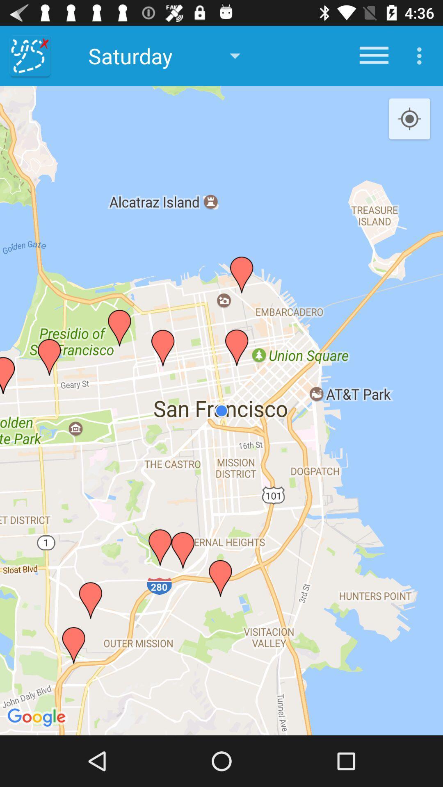 The height and width of the screenshot is (787, 443). Describe the element at coordinates (374, 55) in the screenshot. I see `item to the right of saturday` at that location.